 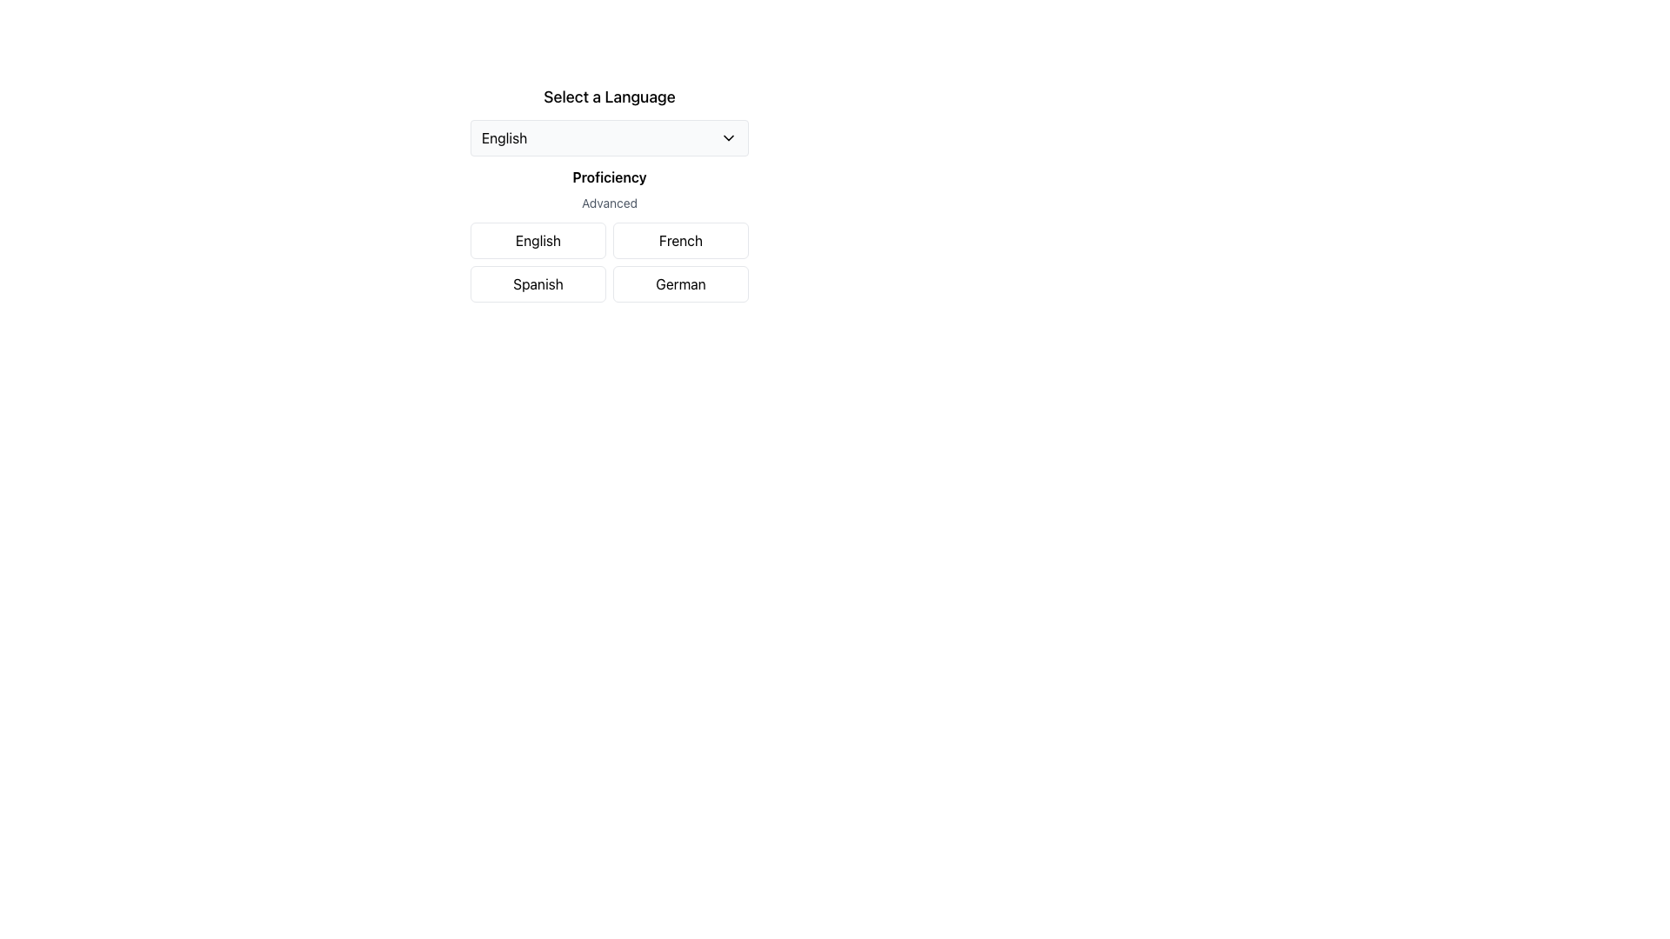 What do you see at coordinates (609, 203) in the screenshot?
I see `the non-interactive text element indicating proficiency, located beneath the 'Proficiency' heading` at bounding box center [609, 203].